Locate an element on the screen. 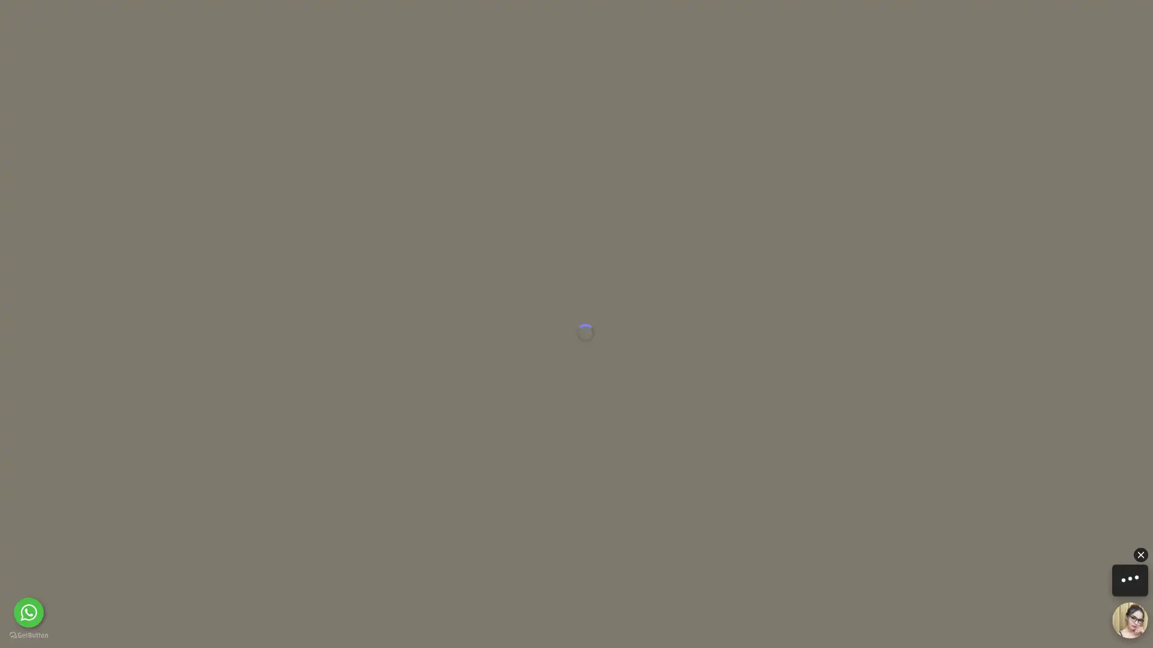  LOGIN is located at coordinates (801, 20).